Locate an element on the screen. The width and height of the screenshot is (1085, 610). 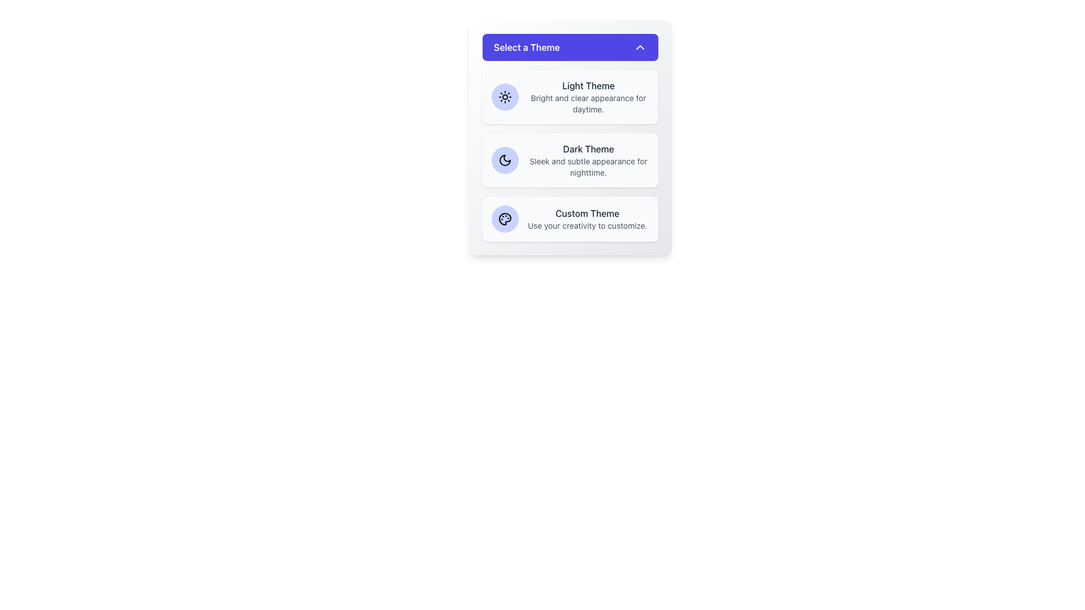
the 'Custom Theme' interactive selection card, which is the third card in the theme selection menu under the header 'Select a Theme' is located at coordinates (570, 219).